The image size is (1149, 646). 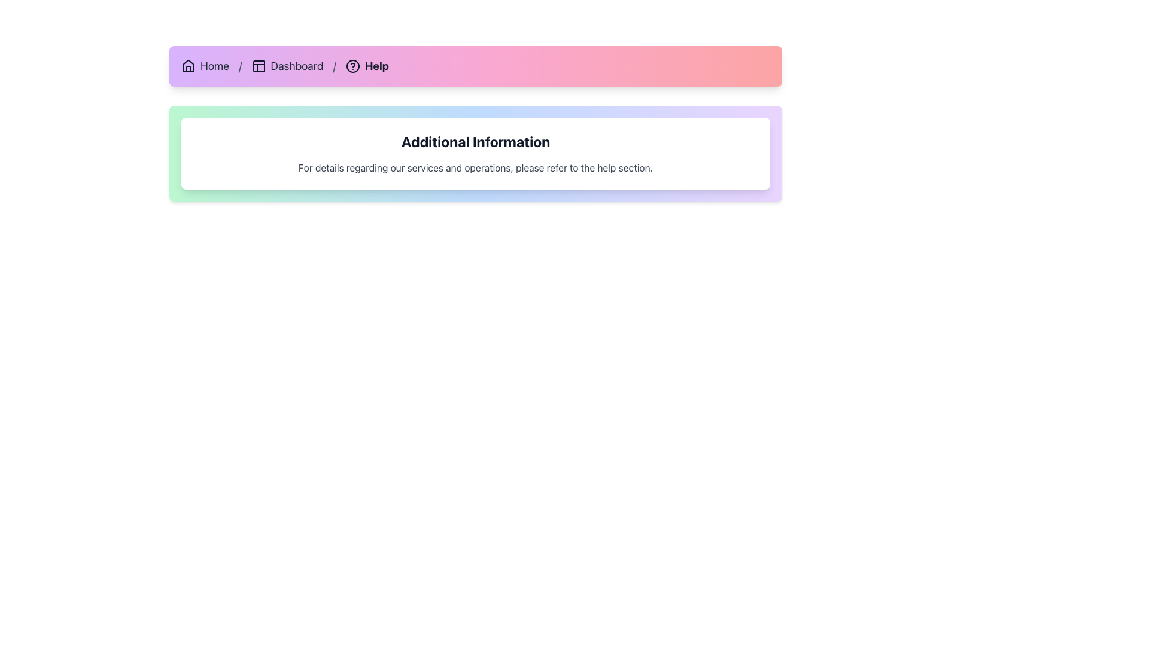 I want to click on the Breadcrumb navigation bar located near the top of the interface, which contains segments 'Home', 'Dashboard', and 'Help' with icons on the left, so click(x=475, y=66).